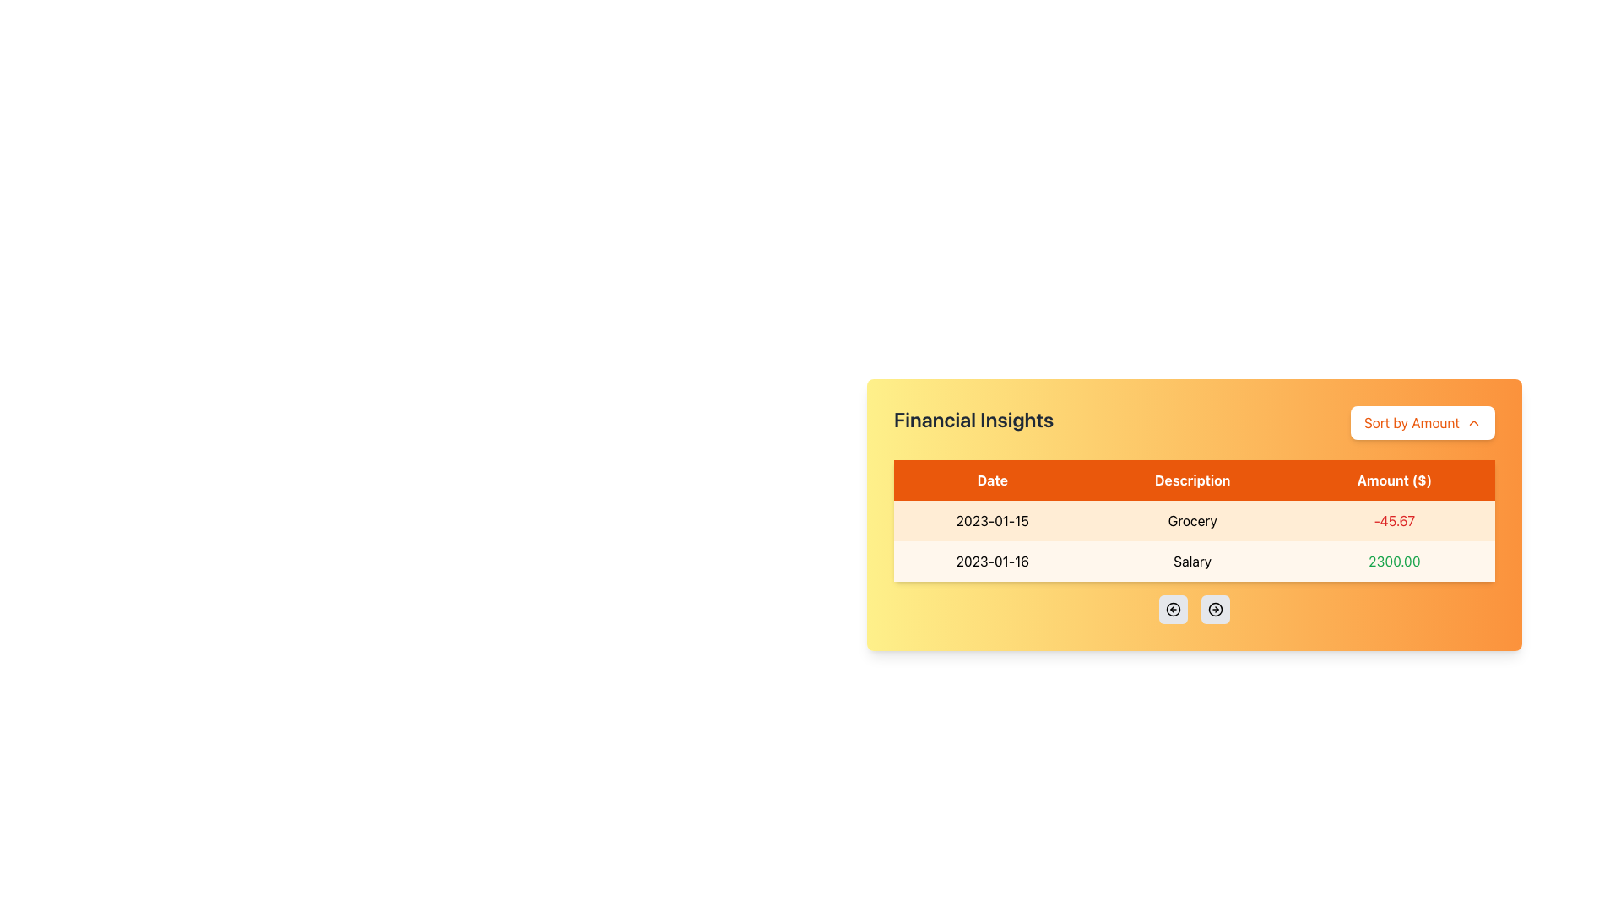 The image size is (1621, 912). I want to click on the static text field in the second row of the financial transaction table that displays the transaction date, located under the 'Date' header, so click(992, 561).